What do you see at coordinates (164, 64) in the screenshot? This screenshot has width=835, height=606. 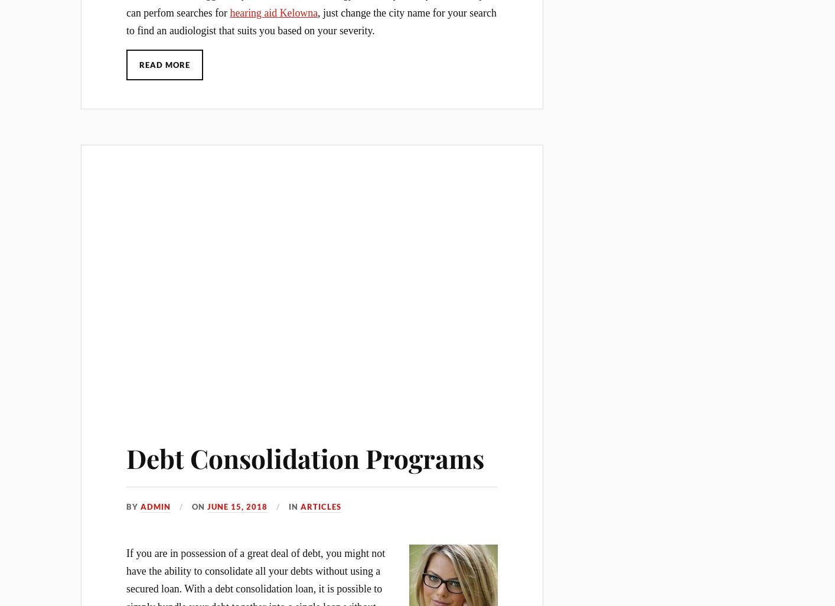 I see `'Read More'` at bounding box center [164, 64].